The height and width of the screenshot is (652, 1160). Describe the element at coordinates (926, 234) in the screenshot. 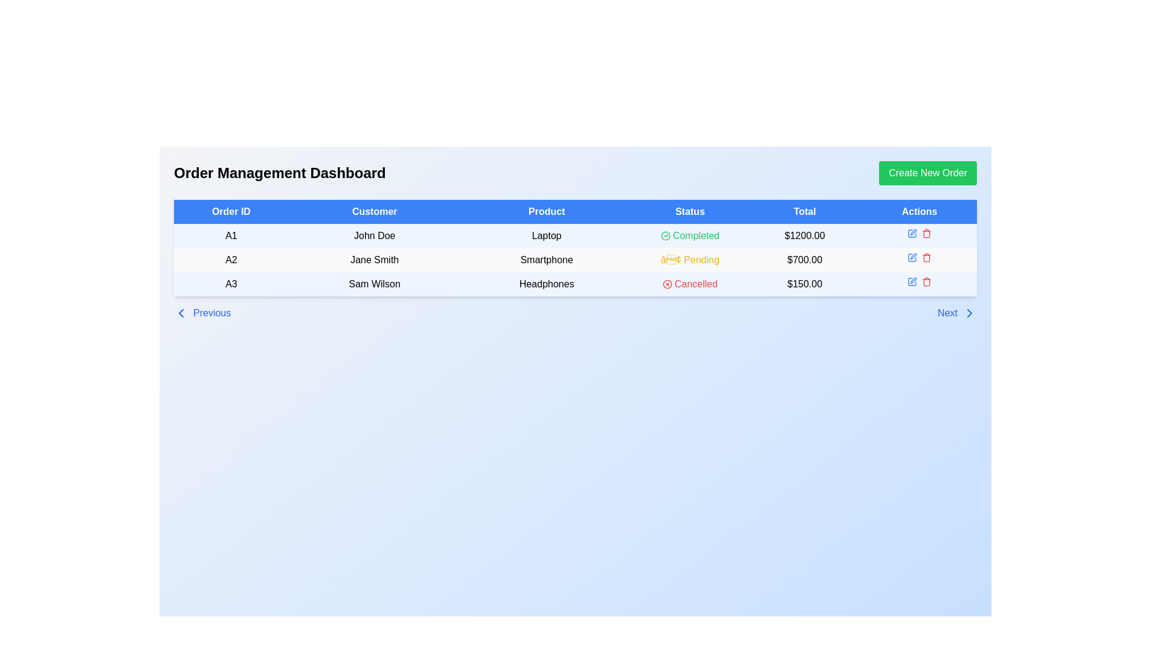

I see `the delete icon for 'John Doe' in the 'Actions' column` at that location.